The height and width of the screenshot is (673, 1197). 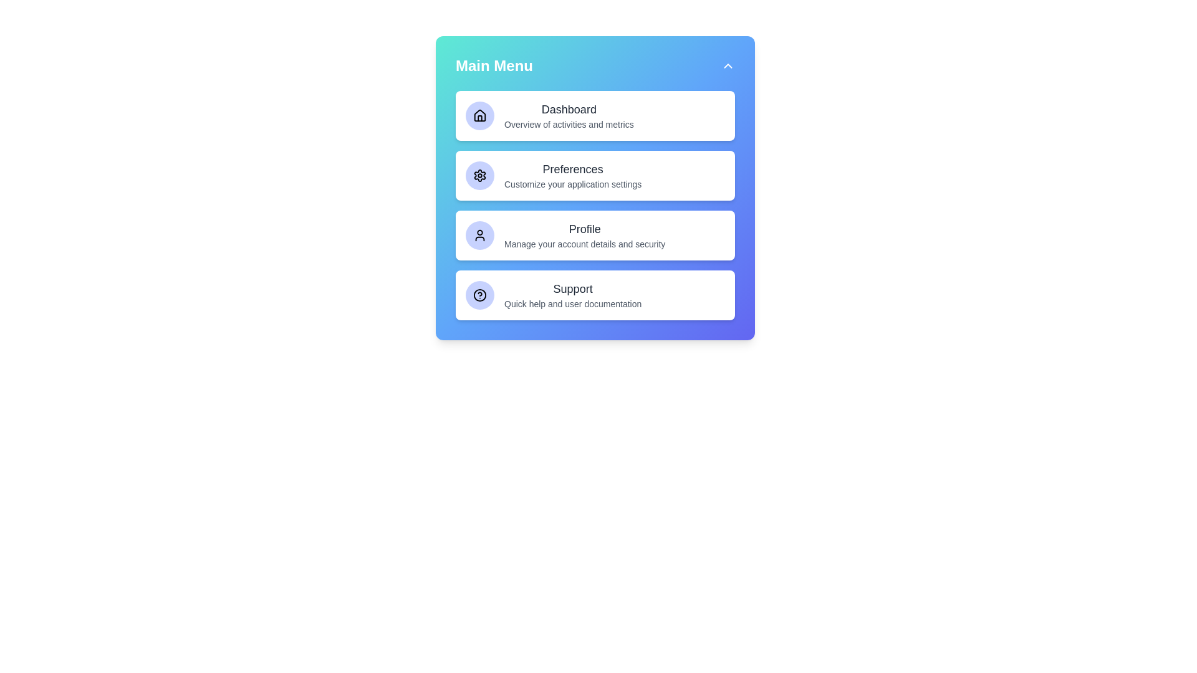 What do you see at coordinates (479, 295) in the screenshot?
I see `the icon corresponding to the menu option Support` at bounding box center [479, 295].